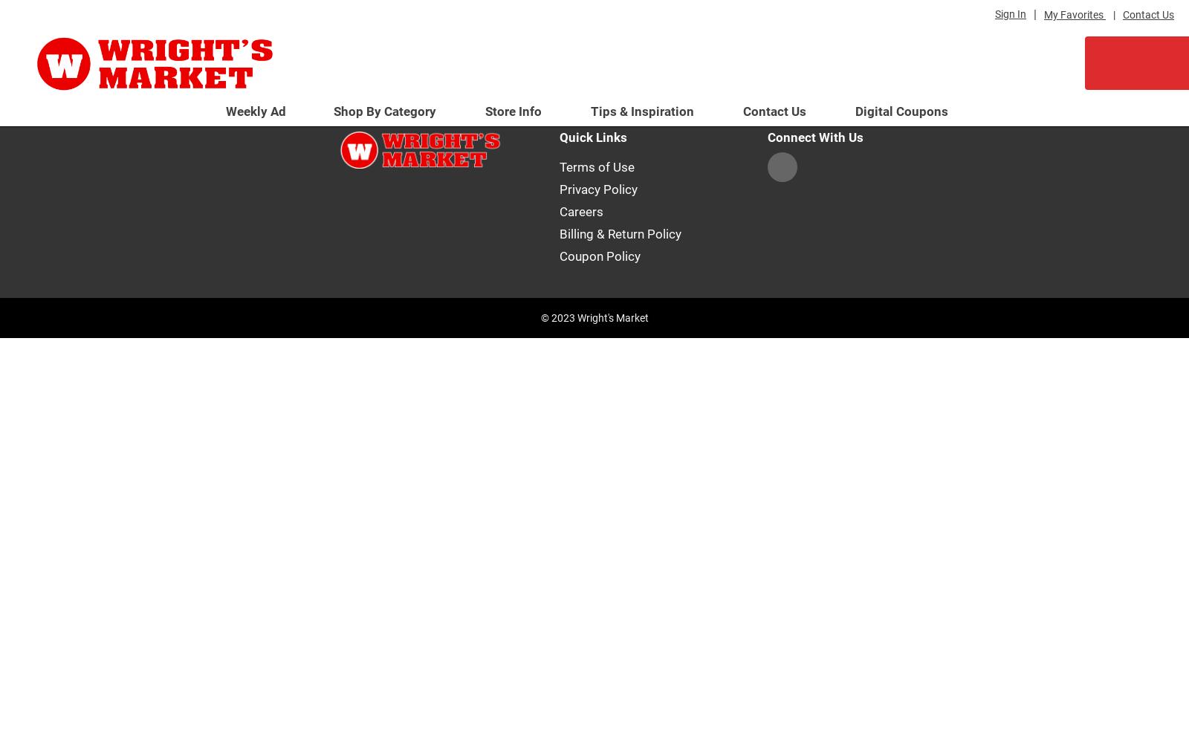 This screenshot has width=1189, height=743. I want to click on 'Tips & Inspiration', so click(641, 111).